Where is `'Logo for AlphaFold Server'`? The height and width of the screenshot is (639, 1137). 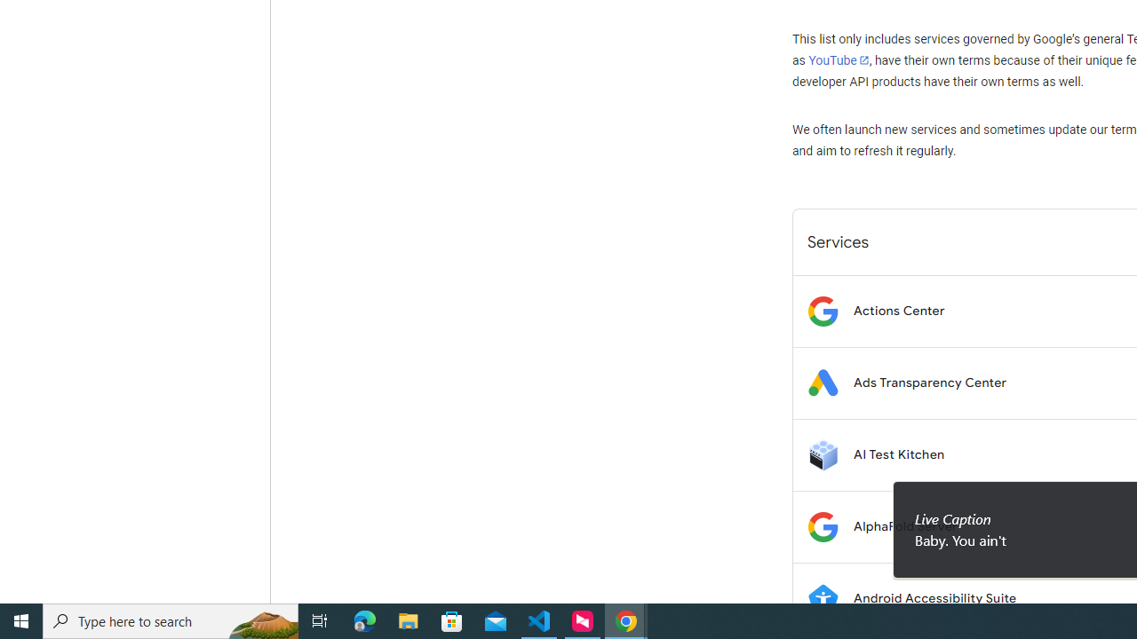
'Logo for AlphaFold Server' is located at coordinates (822, 525).